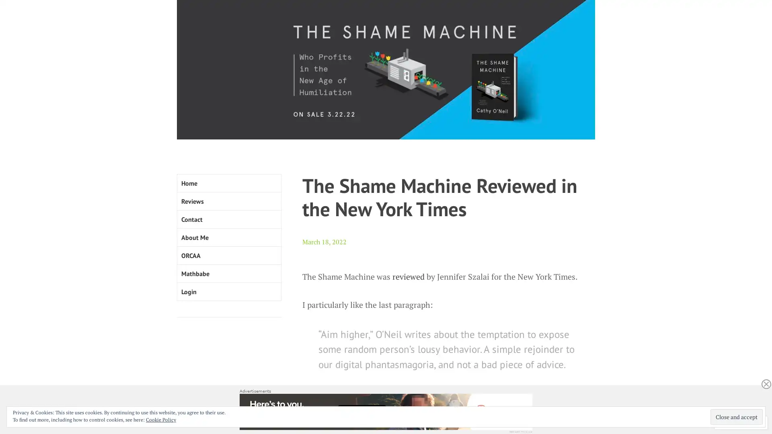  I want to click on Close and accept, so click(737, 416).